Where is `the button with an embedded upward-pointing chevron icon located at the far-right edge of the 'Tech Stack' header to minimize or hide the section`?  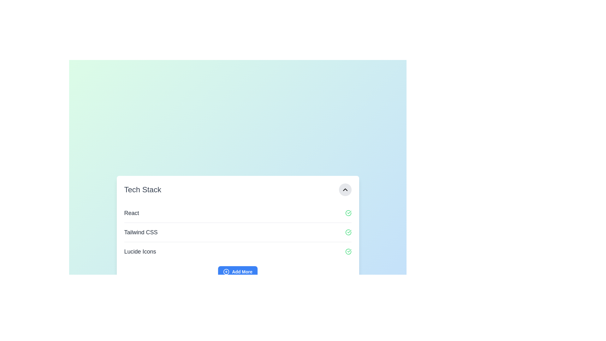
the button with an embedded upward-pointing chevron icon located at the far-right edge of the 'Tech Stack' header to minimize or hide the section is located at coordinates (345, 189).